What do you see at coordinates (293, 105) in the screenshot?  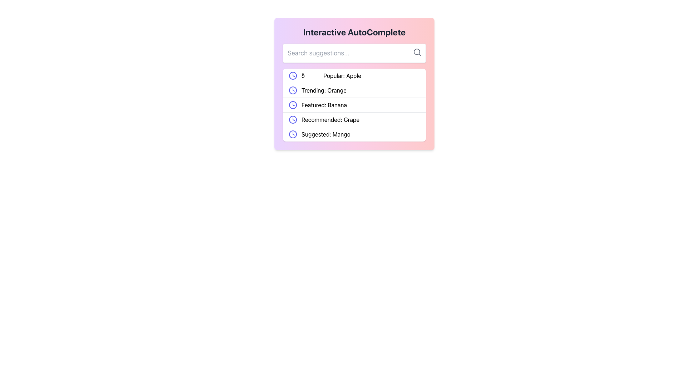 I see `the Circular decorative icon component of the clock, which is positioned to the left of the text 'Featured: Banana' in the interactive suggestion panel` at bounding box center [293, 105].